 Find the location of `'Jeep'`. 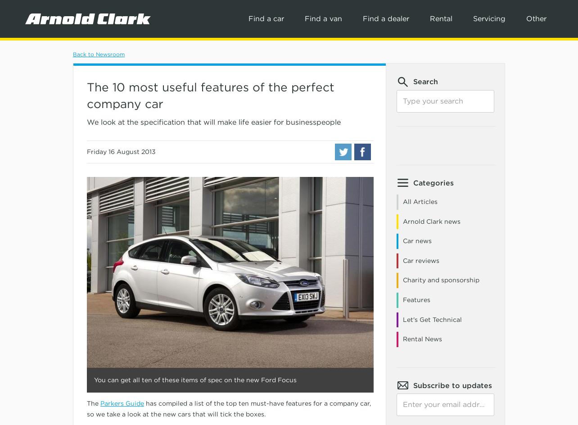

'Jeep' is located at coordinates (225, 152).